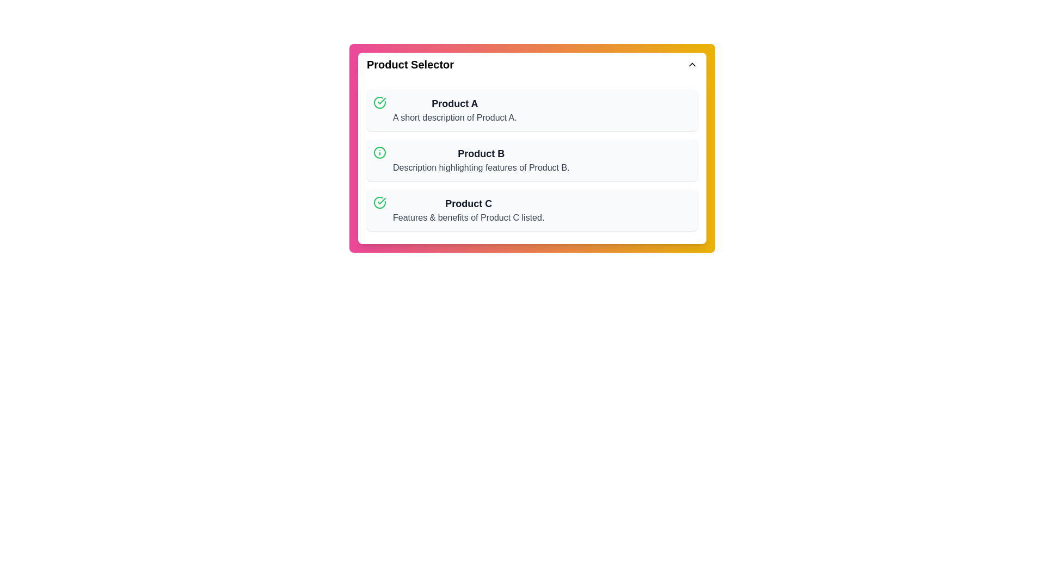 The height and width of the screenshot is (587, 1045). I want to click on the icon associated with Product A, so click(379, 103).